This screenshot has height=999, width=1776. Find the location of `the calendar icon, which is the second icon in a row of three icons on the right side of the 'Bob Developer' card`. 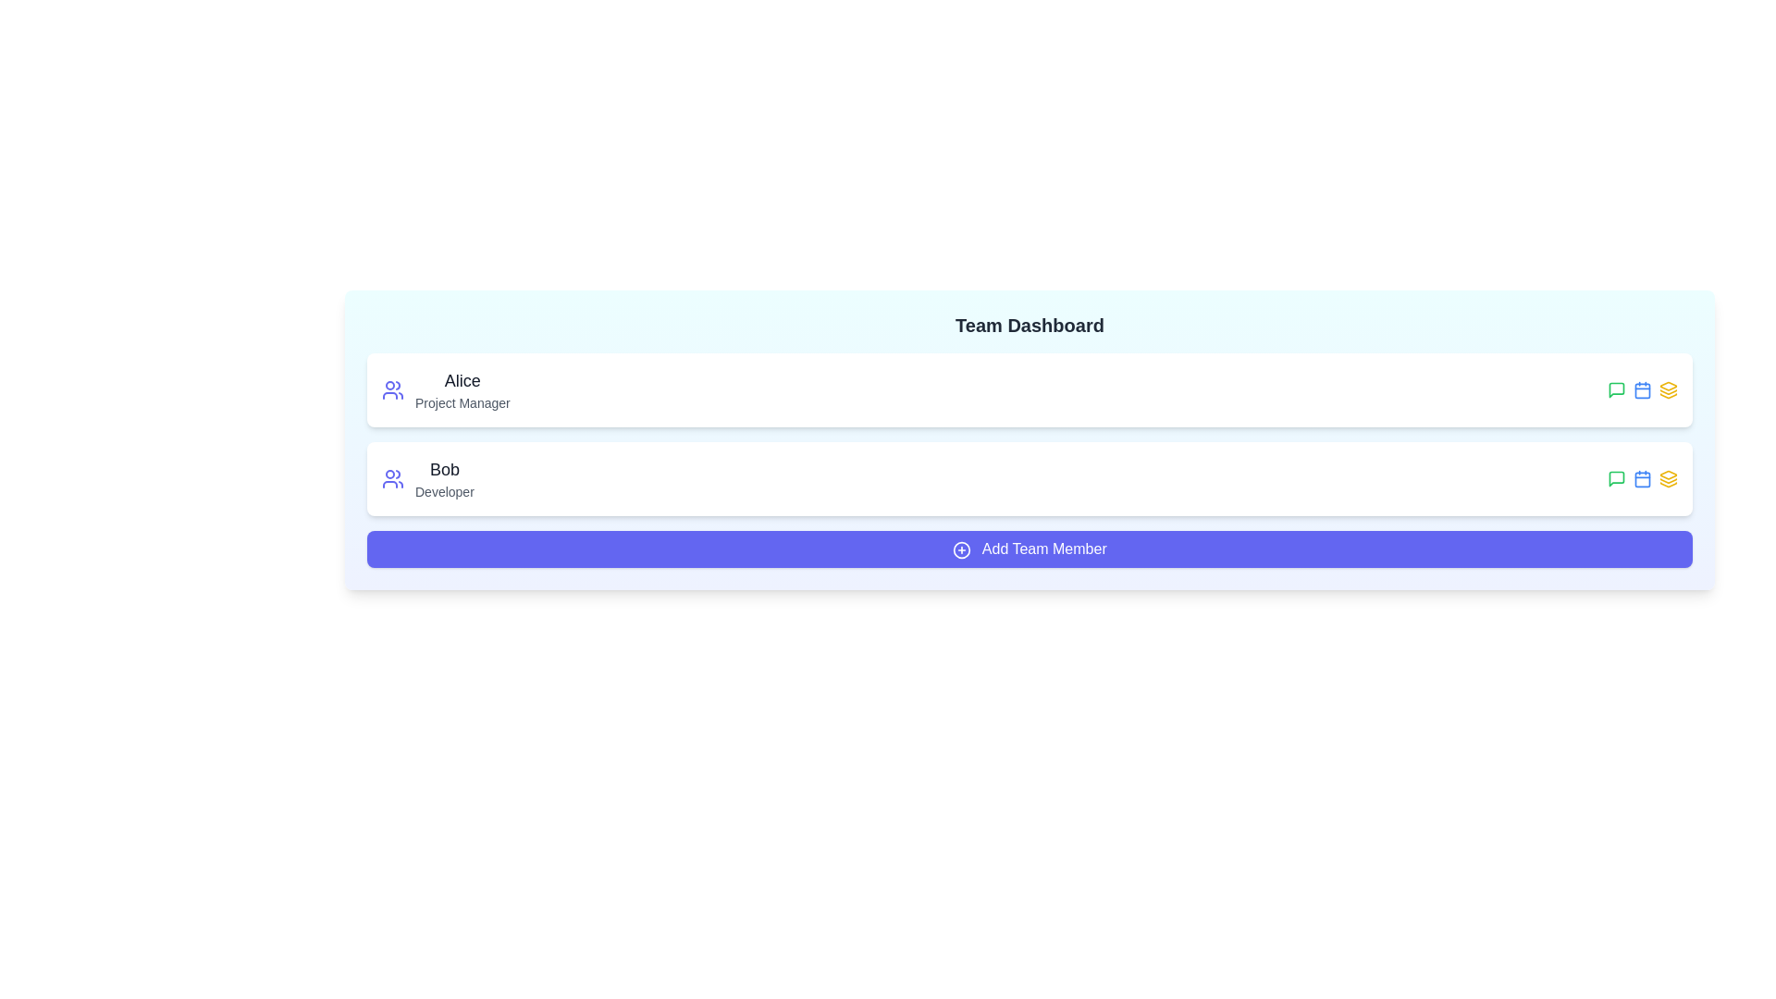

the calendar icon, which is the second icon in a row of three icons on the right side of the 'Bob Developer' card is located at coordinates (1643, 477).